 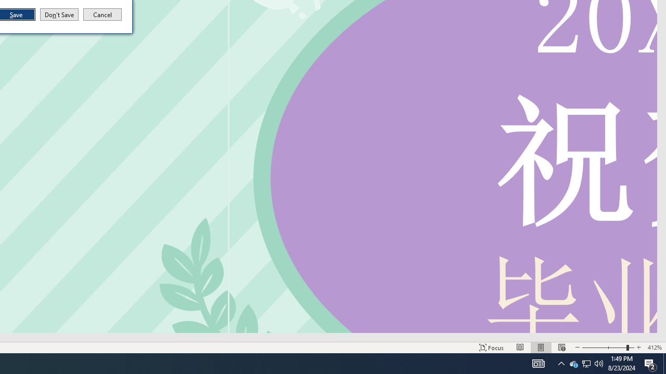 I want to click on 'Action Center, 2 new notifications', so click(x=650, y=363).